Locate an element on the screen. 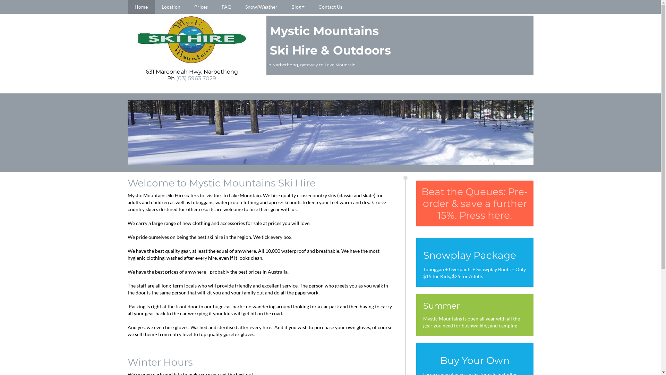 Image resolution: width=666 pixels, height=375 pixels. 'Location' is located at coordinates (171, 7).